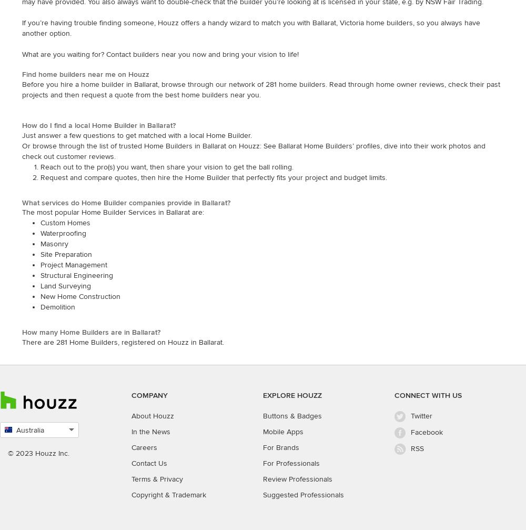  What do you see at coordinates (131, 395) in the screenshot?
I see `'COMPANY'` at bounding box center [131, 395].